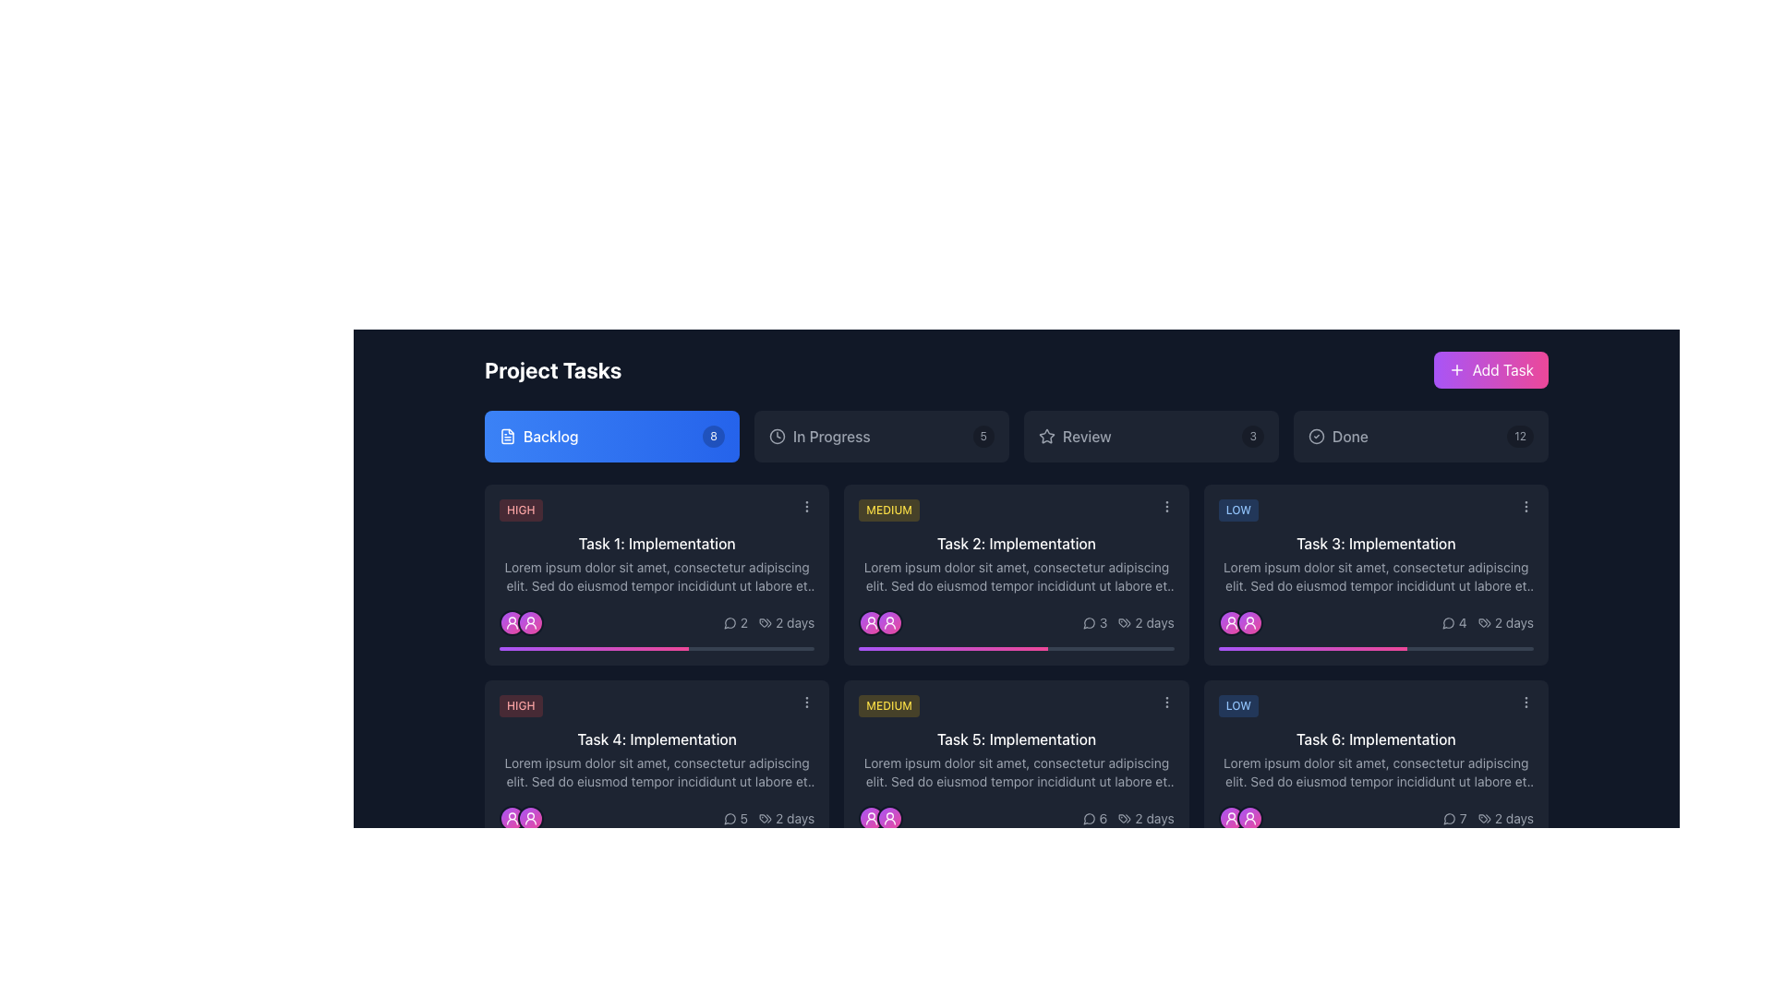  I want to click on the options menu trigger button located in the top right corner of the 'Task 2: Implementation' card, next to the yellow 'MEDIUM' badge, so click(1165, 506).